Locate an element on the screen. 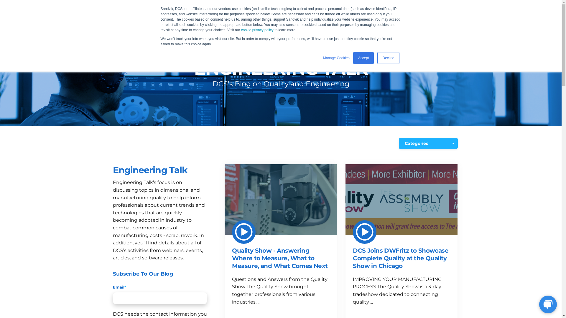 Image resolution: width=566 pixels, height=318 pixels. 'Accept' is located at coordinates (363, 58).